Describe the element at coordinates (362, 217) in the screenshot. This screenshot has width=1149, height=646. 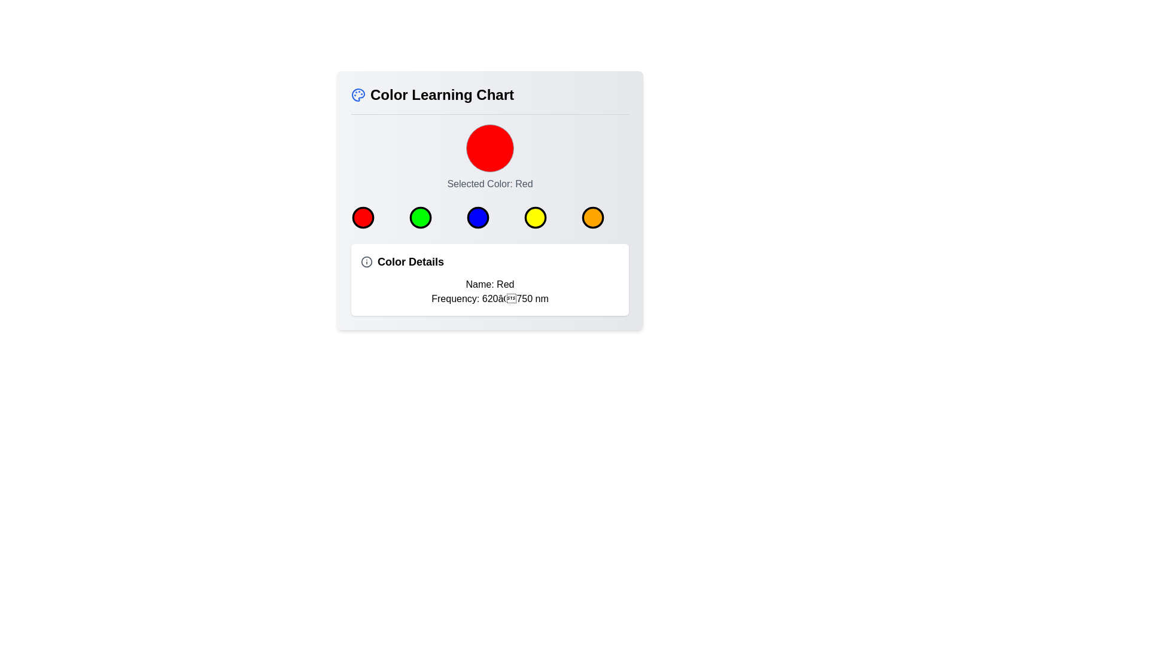
I see `the red circular icon with a black border located on the leftmost side of the horizontal row of circular icons in the 'Color Learning Chart' module` at that location.